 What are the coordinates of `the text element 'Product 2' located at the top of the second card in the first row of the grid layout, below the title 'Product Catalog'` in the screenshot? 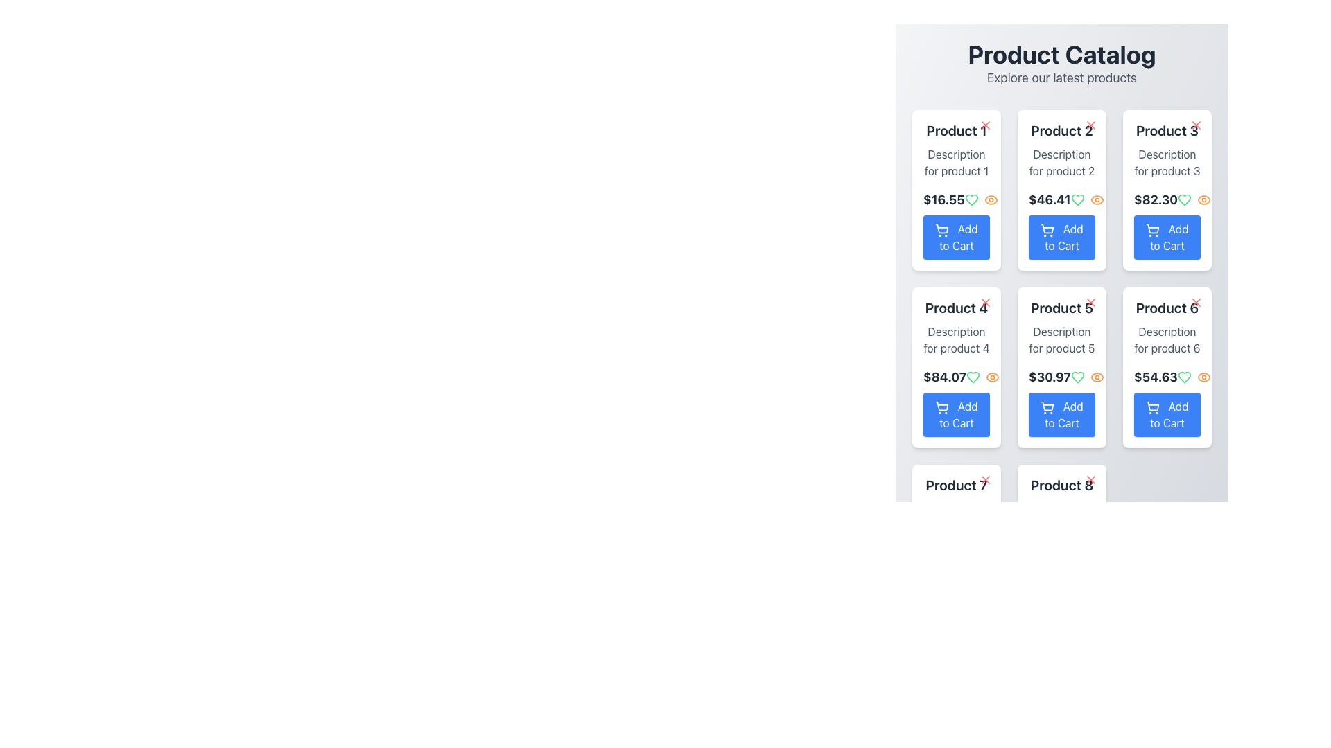 It's located at (1061, 131).